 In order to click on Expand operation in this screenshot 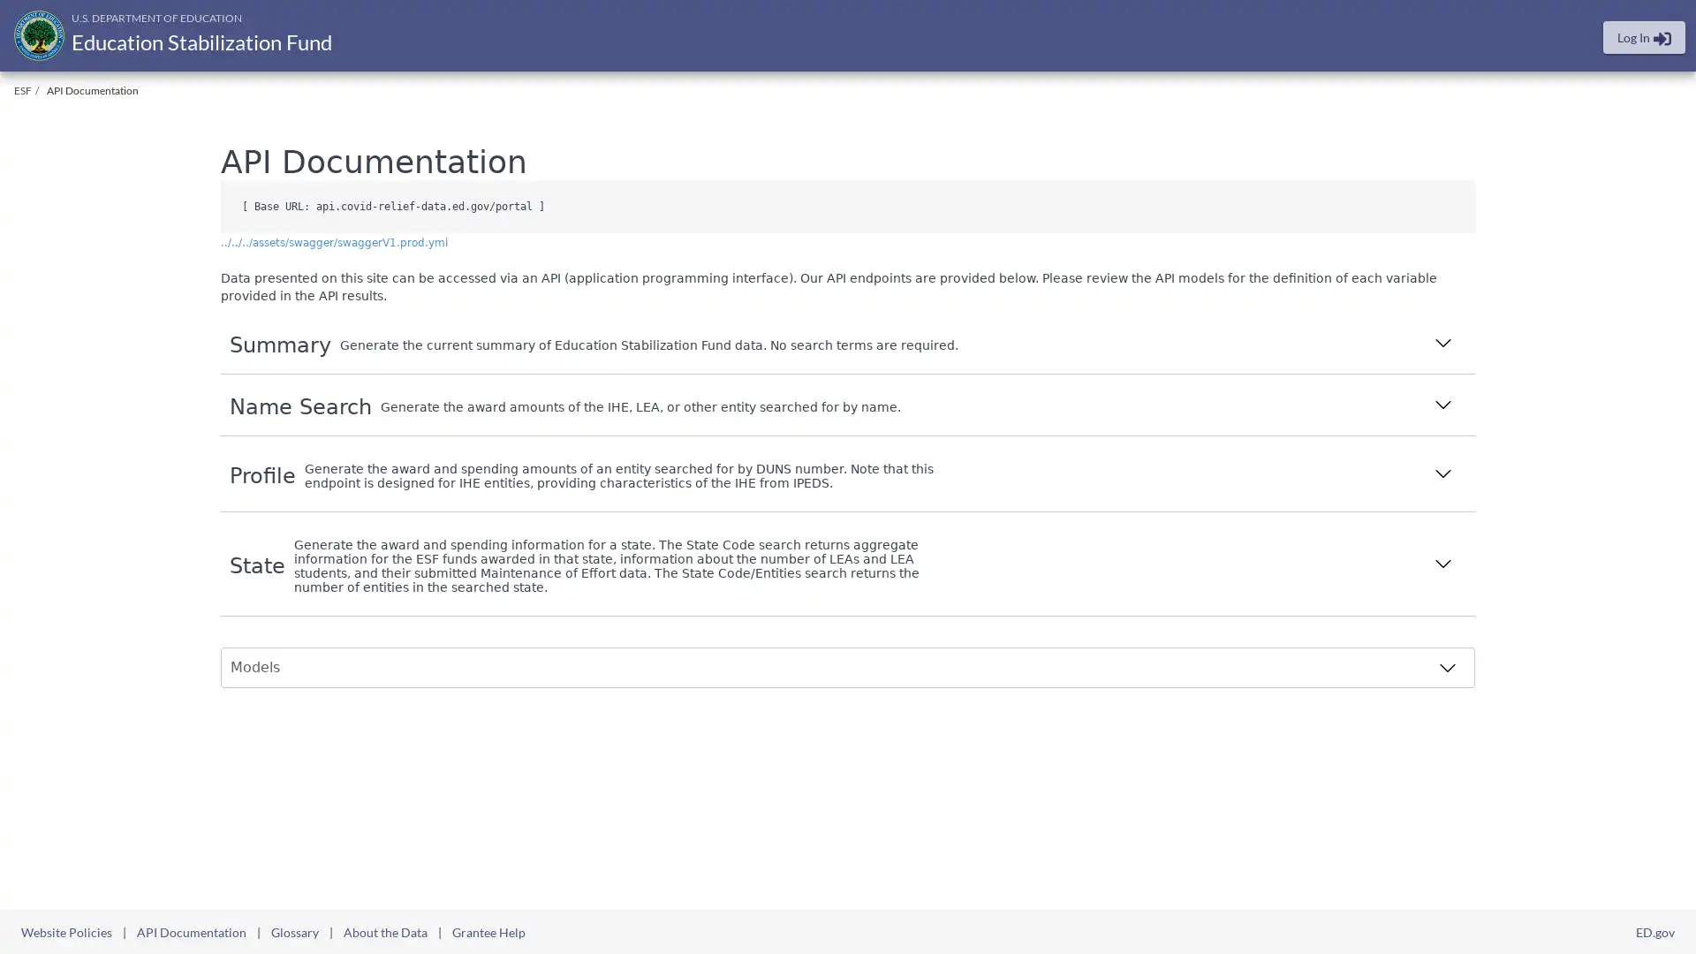, I will do `click(1442, 406)`.